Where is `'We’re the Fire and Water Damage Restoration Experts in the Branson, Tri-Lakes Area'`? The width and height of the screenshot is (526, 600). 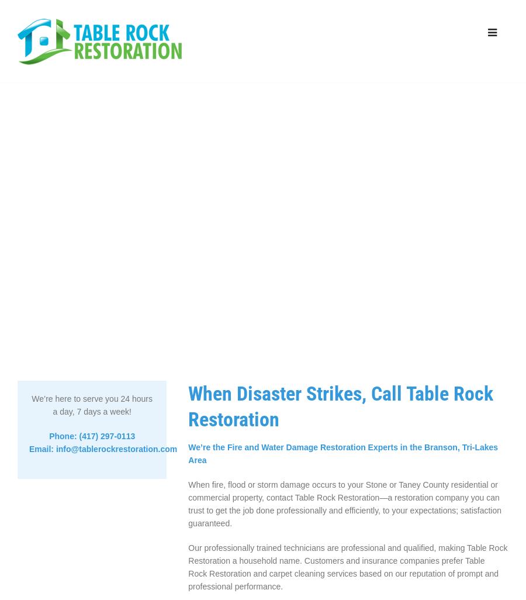 'We’re the Fire and Water Damage Restoration Experts in the Branson, Tri-Lakes Area' is located at coordinates (342, 453).